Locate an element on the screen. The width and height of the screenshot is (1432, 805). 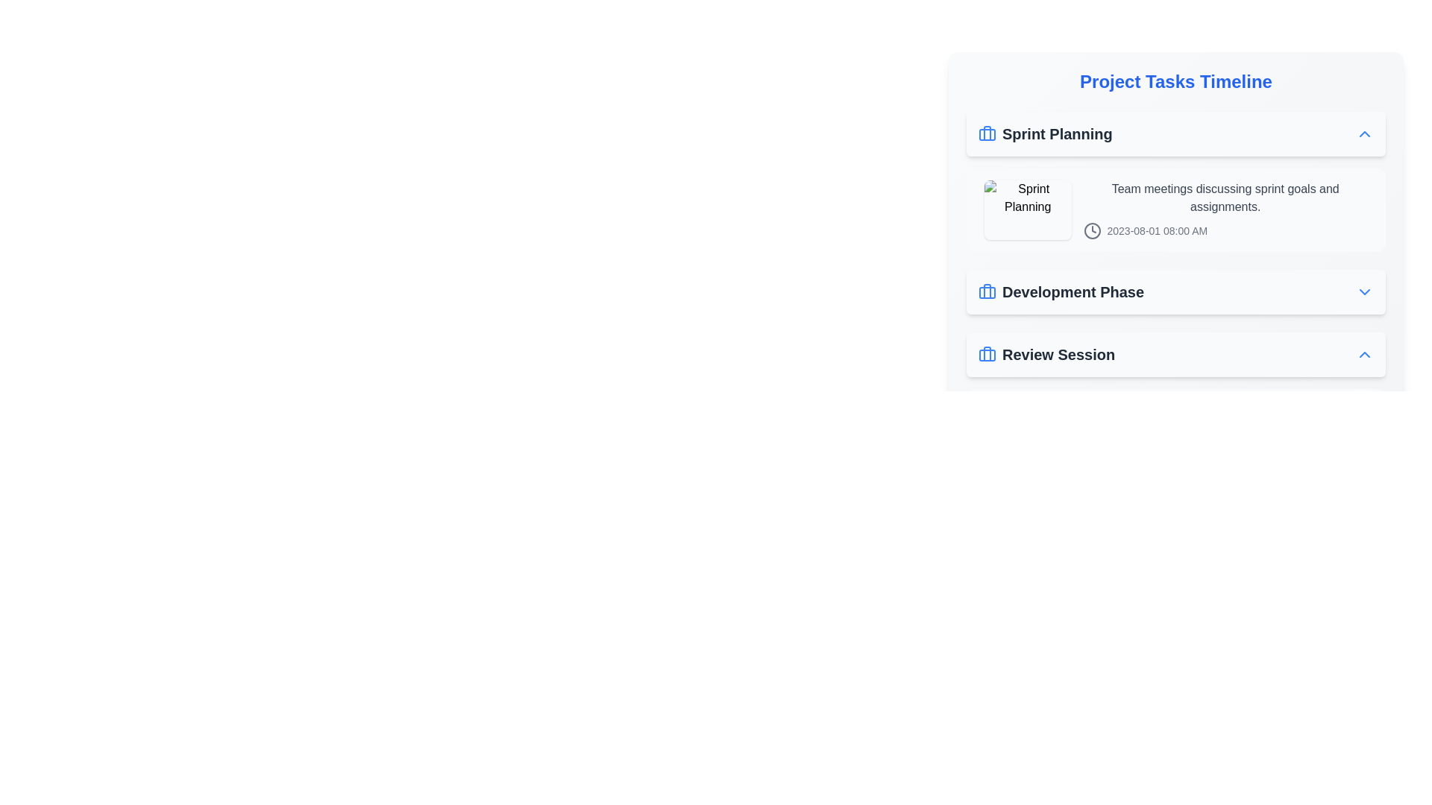
text from the title 'Project Tasks Timeline', which is a large, bold, blue-text label centered at the top of the content card is located at coordinates (1175, 82).